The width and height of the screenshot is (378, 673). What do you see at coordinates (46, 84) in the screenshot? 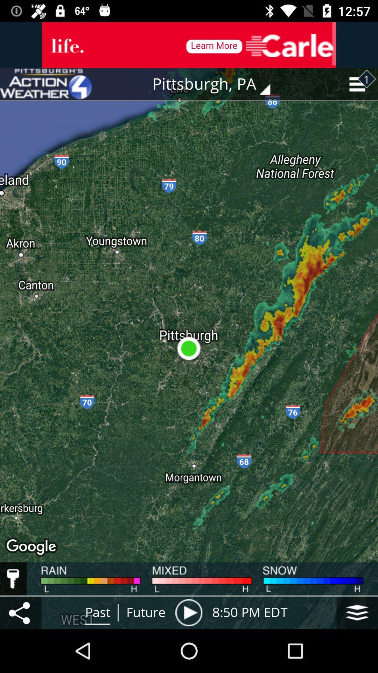
I see `the item at the top left corner` at bounding box center [46, 84].